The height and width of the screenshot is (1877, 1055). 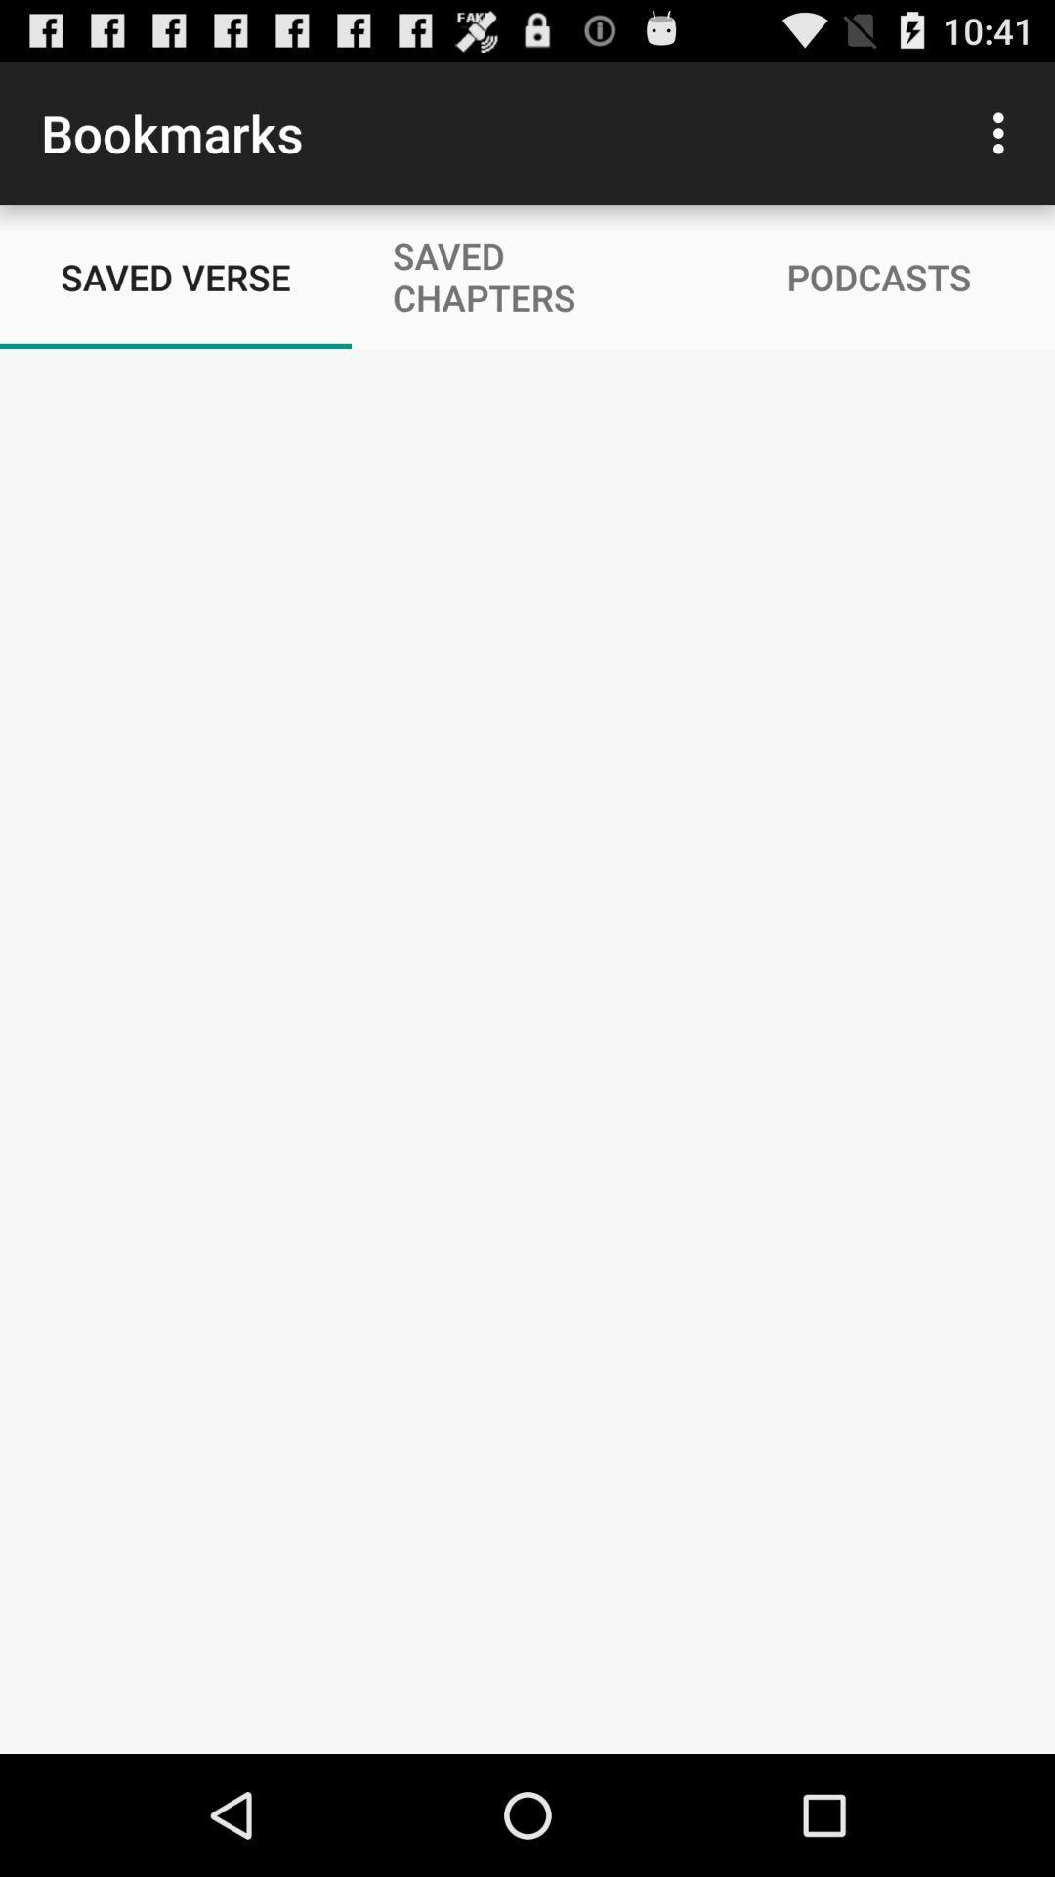 I want to click on icon at the bottom, so click(x=527, y=1688).